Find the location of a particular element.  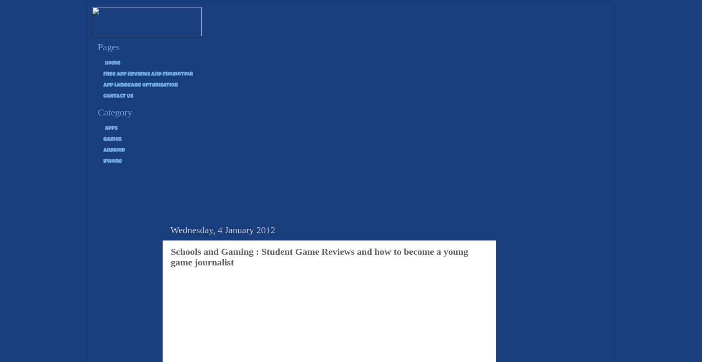

'iPhone' is located at coordinates (112, 161).